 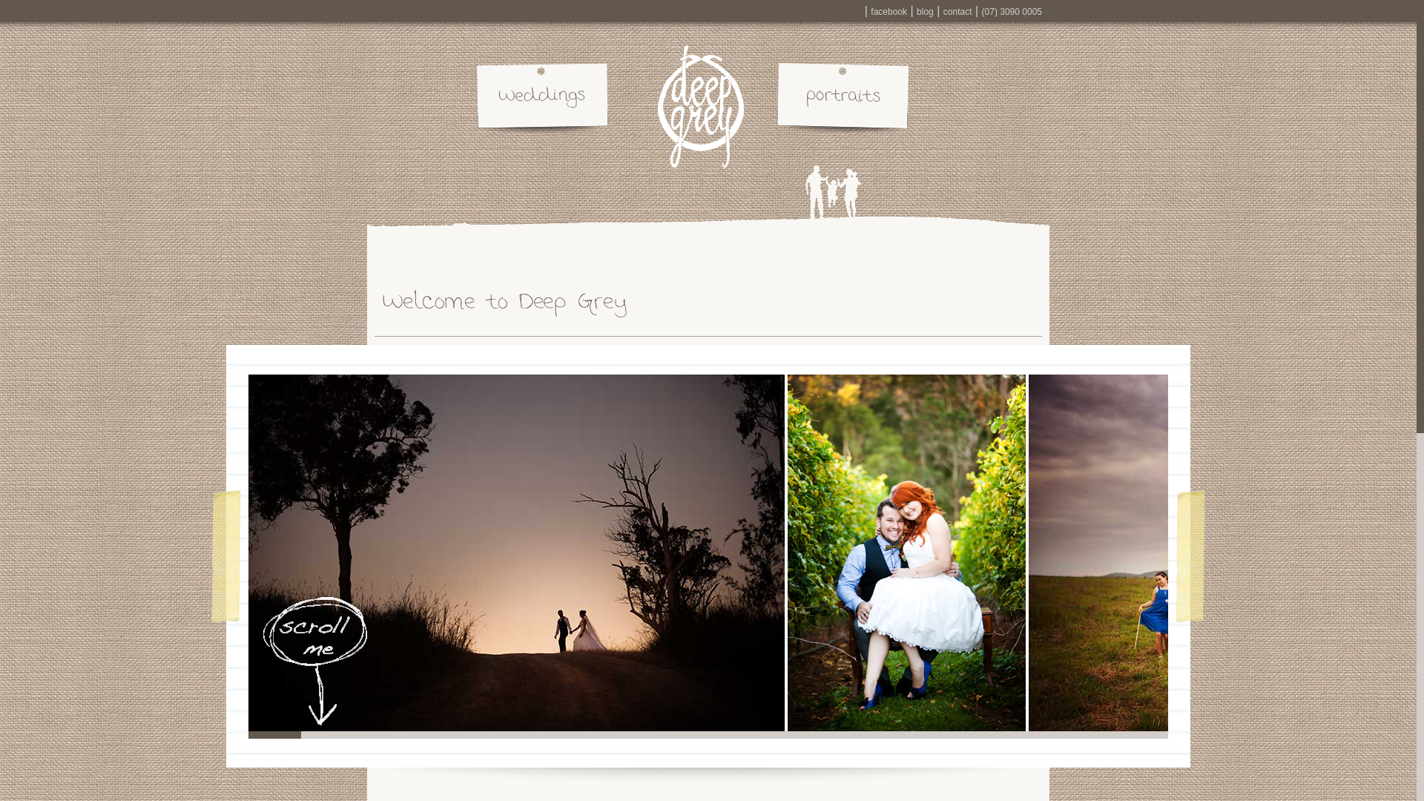 I want to click on 'contact', so click(x=957, y=11).